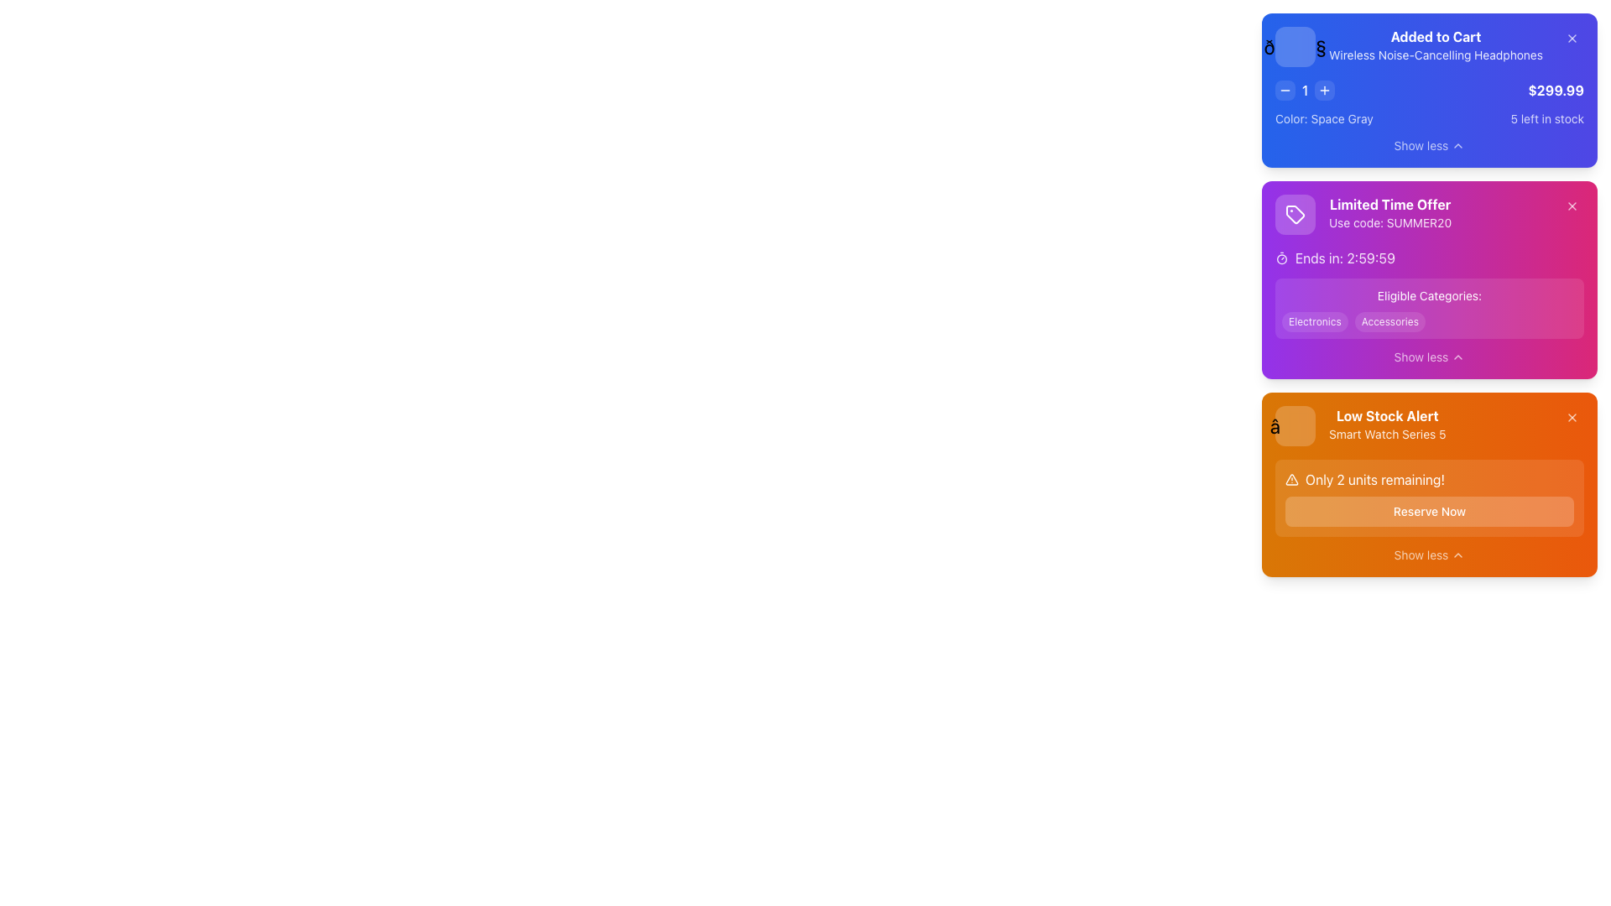 Image resolution: width=1611 pixels, height=906 pixels. I want to click on the close button located in the top-right corner of the 'Limited Time Offer' card, so click(1571, 206).